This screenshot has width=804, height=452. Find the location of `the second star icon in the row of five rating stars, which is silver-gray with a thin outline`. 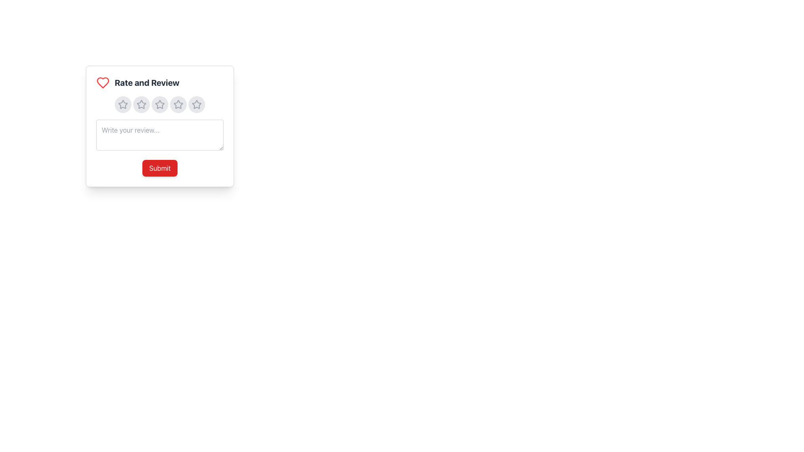

the second star icon in the row of five rating stars, which is silver-gray with a thin outline is located at coordinates (141, 104).